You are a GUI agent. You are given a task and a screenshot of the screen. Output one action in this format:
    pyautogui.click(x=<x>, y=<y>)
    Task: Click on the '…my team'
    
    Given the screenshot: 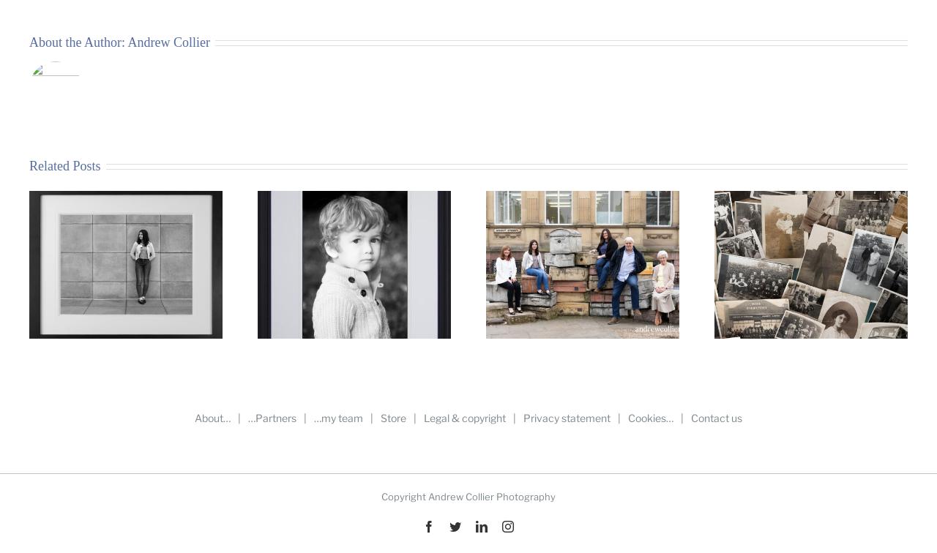 What is the action you would take?
    pyautogui.click(x=337, y=418)
    